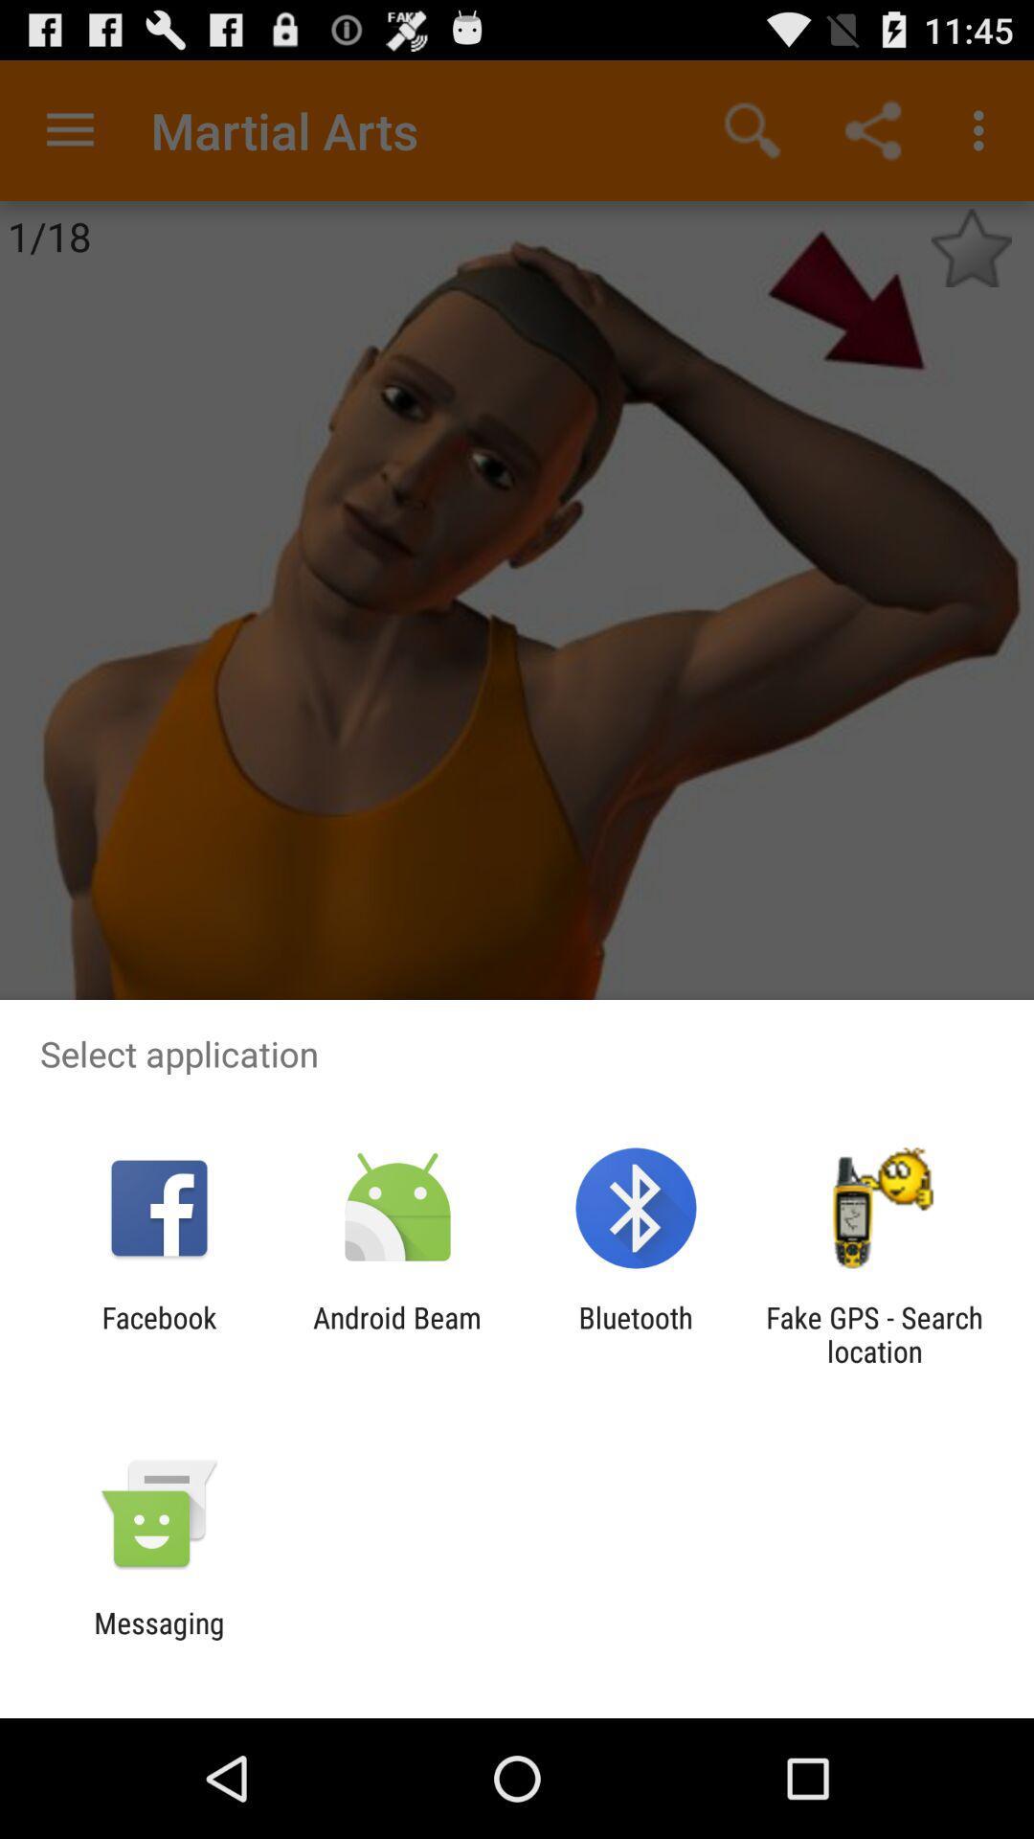 Image resolution: width=1034 pixels, height=1839 pixels. Describe the element at coordinates (874, 1333) in the screenshot. I see `app to the right of the bluetooth` at that location.